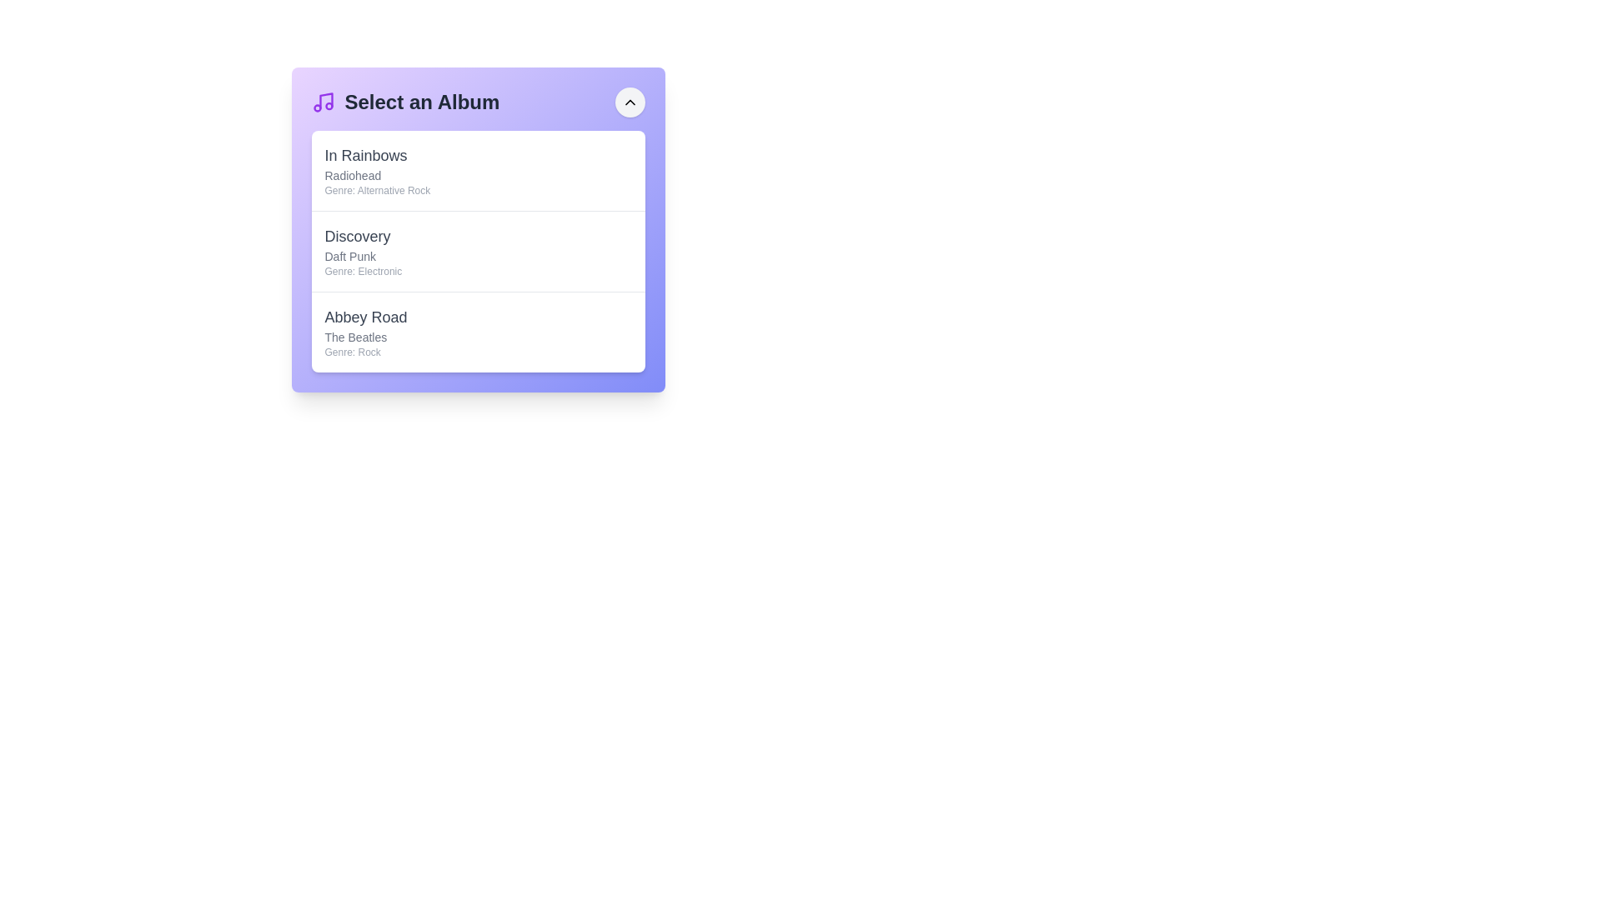 This screenshot has width=1601, height=900. Describe the element at coordinates (362, 257) in the screenshot. I see `the label displaying the text 'Daft Punk', which is positioned below the 'Discovery' title and above the 'Genre: Electronic' text in a vertically arranged album entry` at that location.